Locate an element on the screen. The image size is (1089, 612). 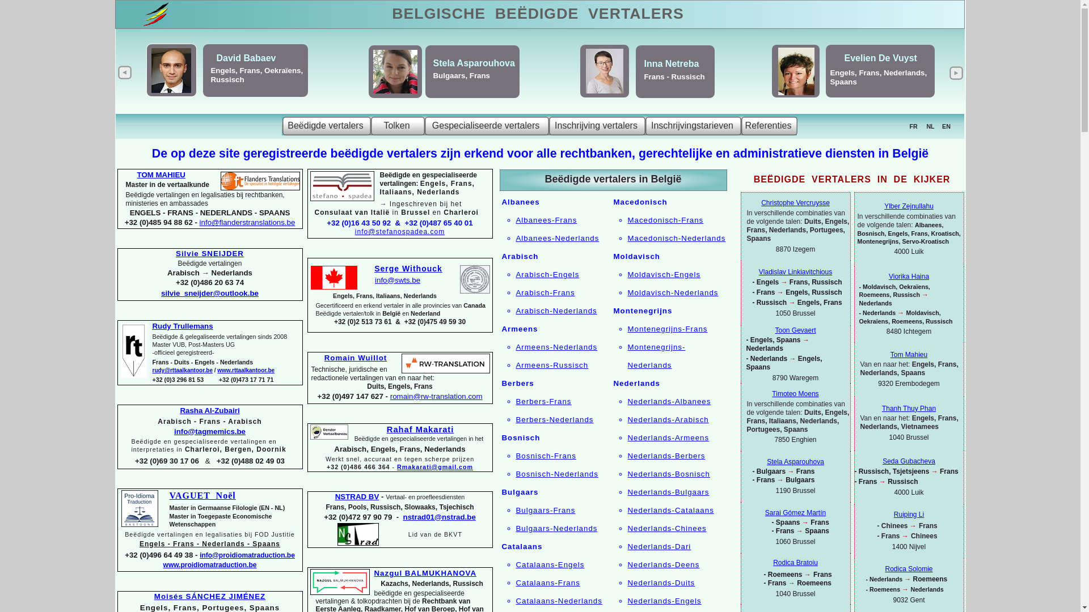
'Nederlands-Catalaans' is located at coordinates (670, 510).